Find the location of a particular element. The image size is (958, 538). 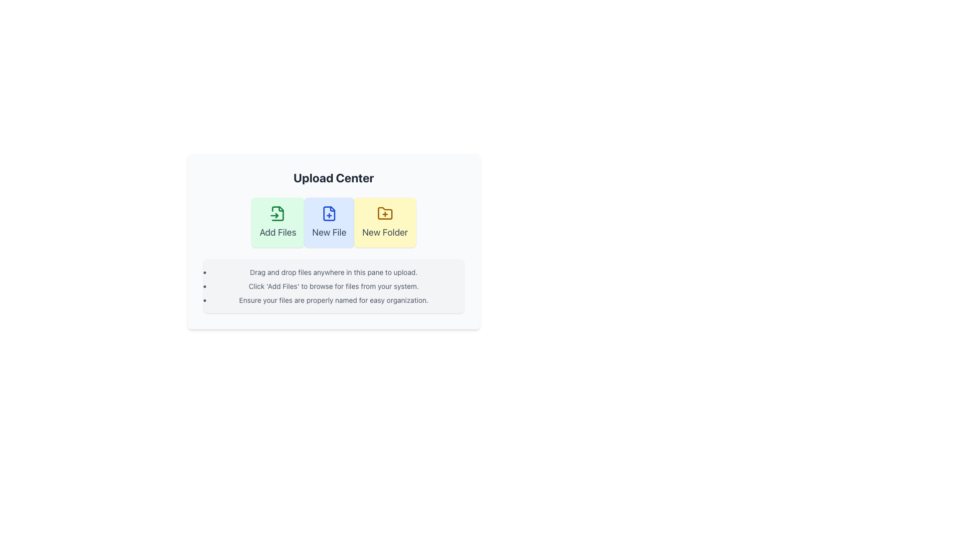

the 'New Folder' text label, which is displayed in a bold medium gray font and is positioned centrally under a yellow background card is located at coordinates (384, 232).